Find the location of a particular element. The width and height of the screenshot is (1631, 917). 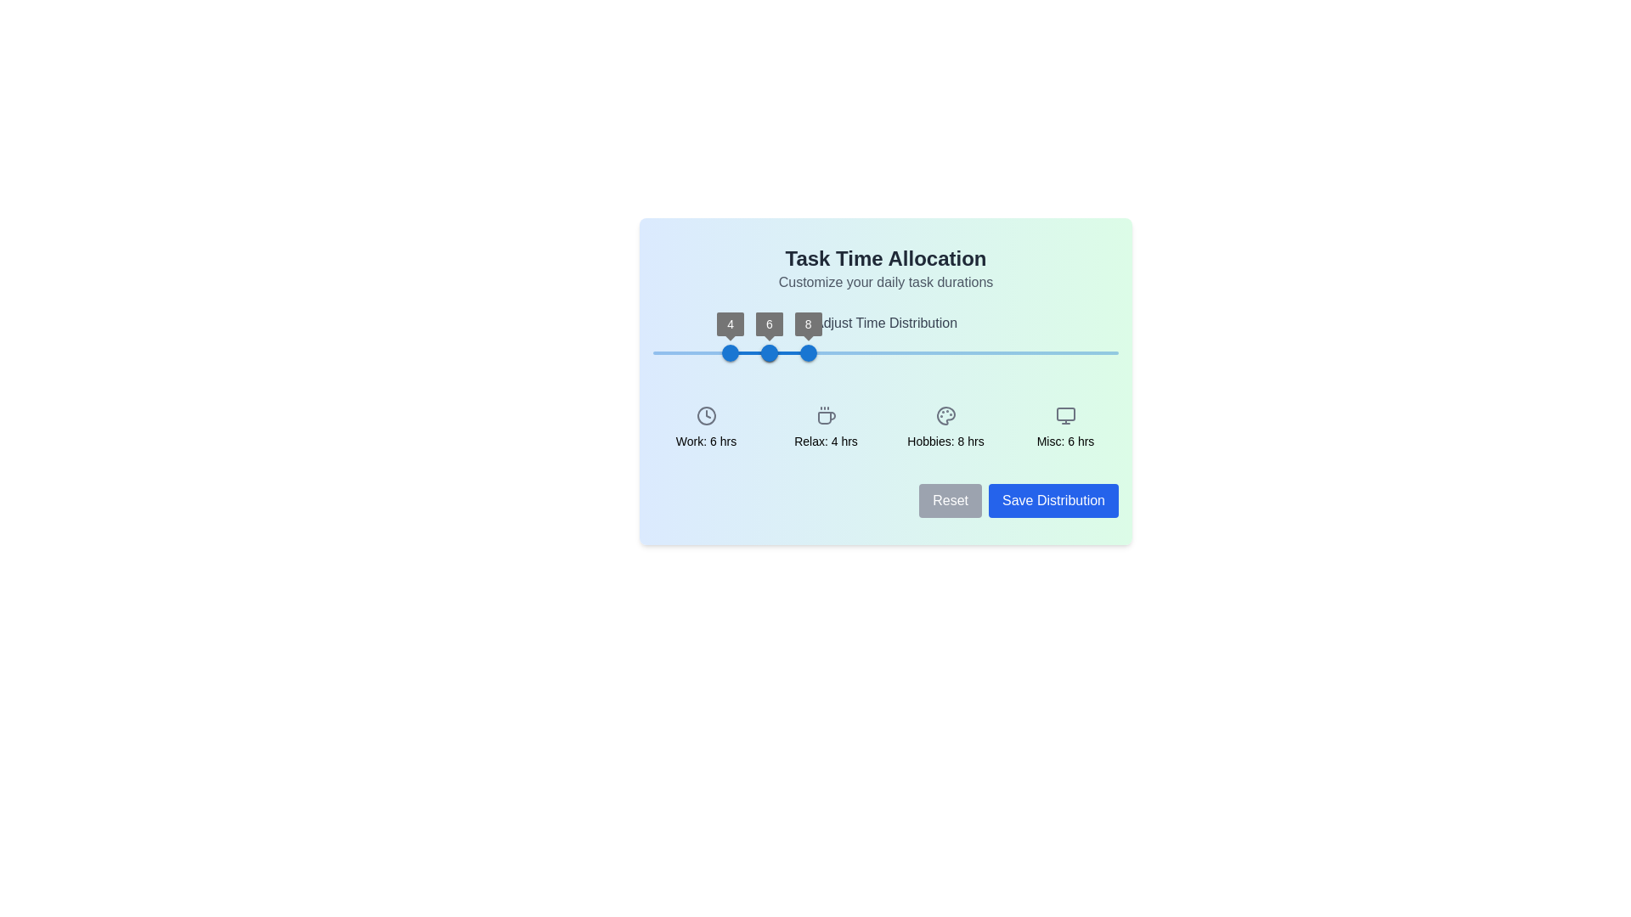

the 'Save Distribution' button with a blue background and white text is located at coordinates (1053, 500).